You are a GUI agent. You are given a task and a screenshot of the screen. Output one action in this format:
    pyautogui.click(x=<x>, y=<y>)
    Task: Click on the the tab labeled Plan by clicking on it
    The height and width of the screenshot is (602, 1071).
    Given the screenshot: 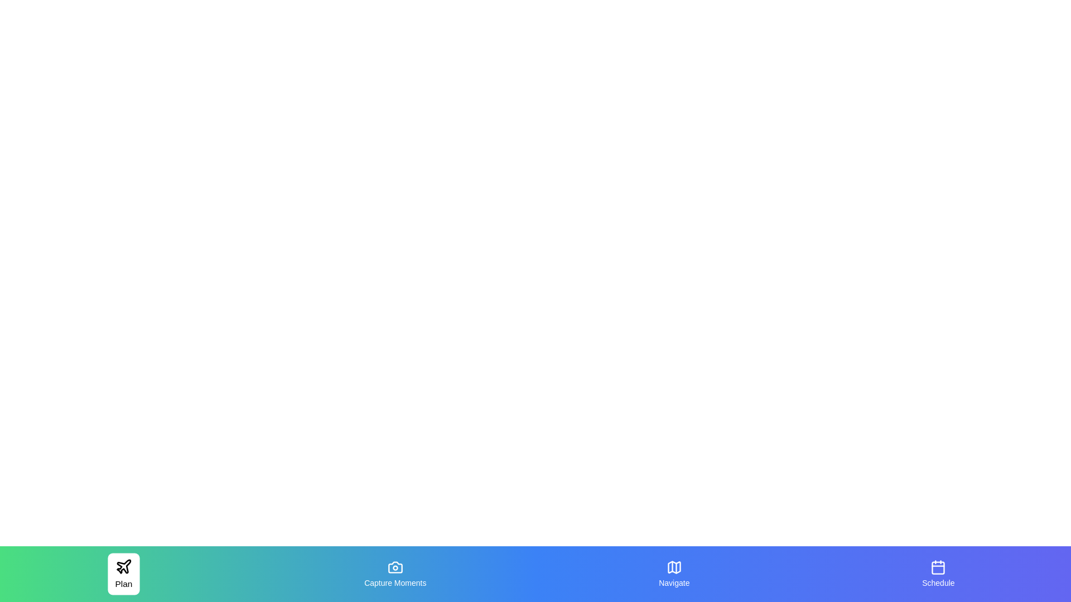 What is the action you would take?
    pyautogui.click(x=124, y=574)
    